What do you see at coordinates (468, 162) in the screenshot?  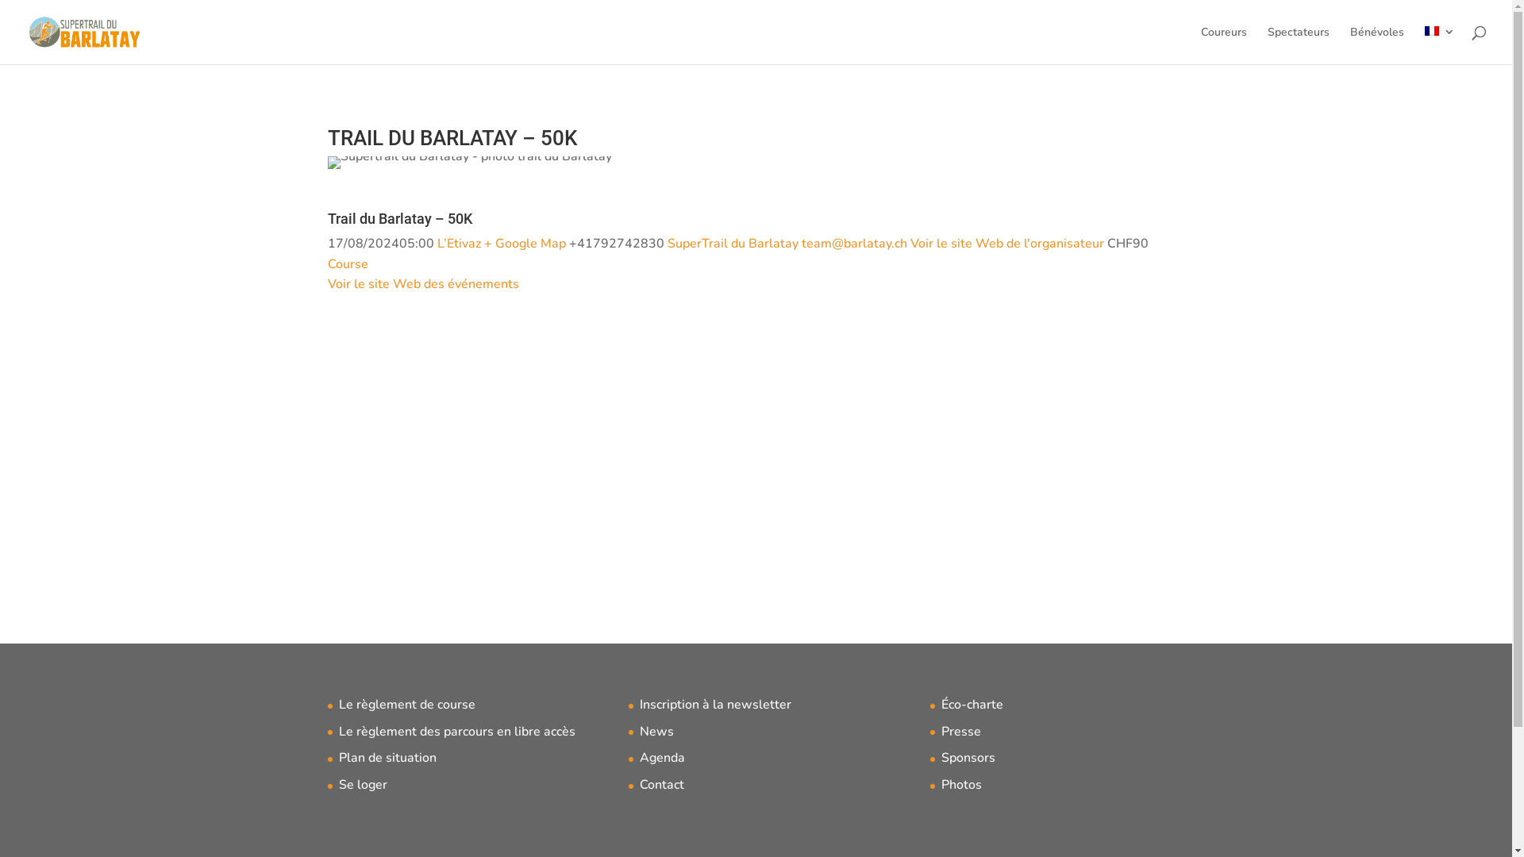 I see `'trail'` at bounding box center [468, 162].